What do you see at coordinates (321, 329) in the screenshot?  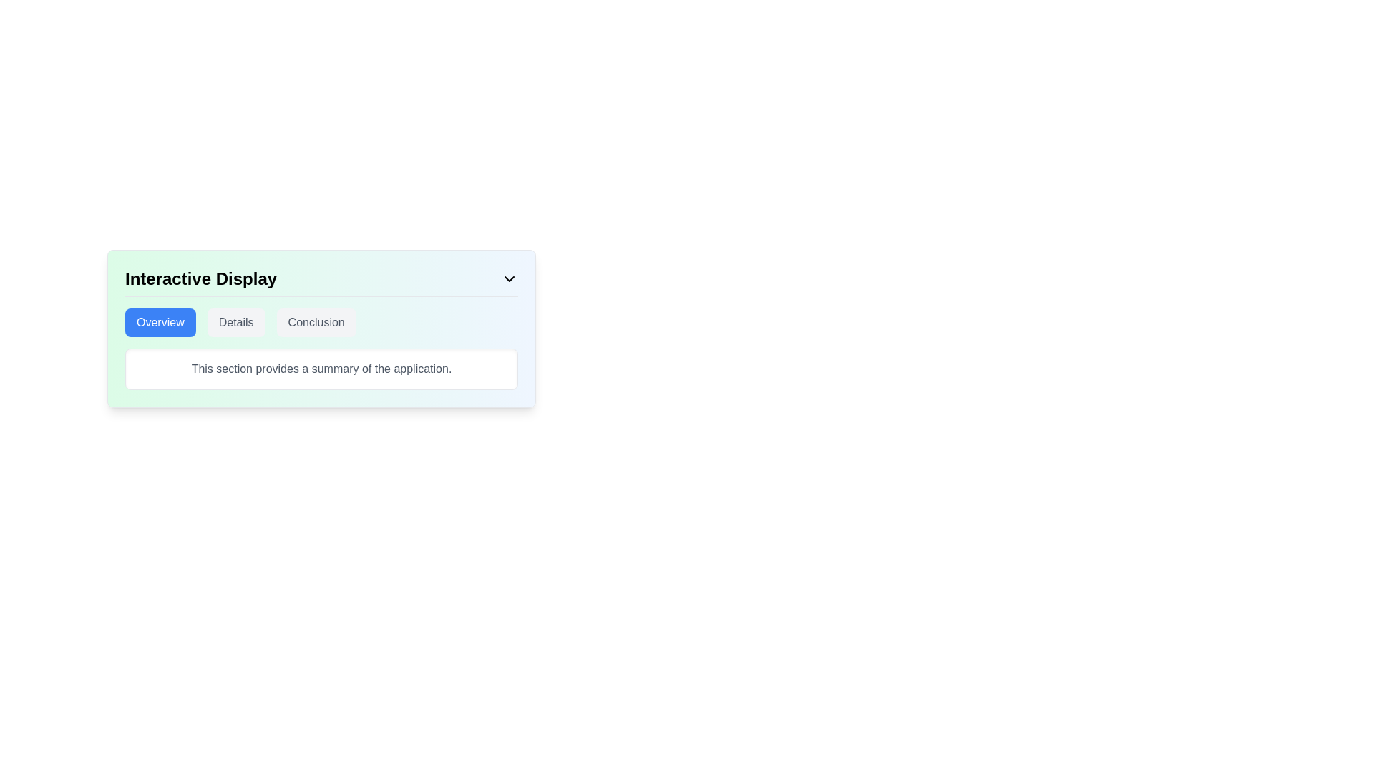 I see `descriptive text in the header and navigation bar located at the top of the interface, which includes the 'Overview,' 'Details,' and 'Conclusion' tabs` at bounding box center [321, 329].